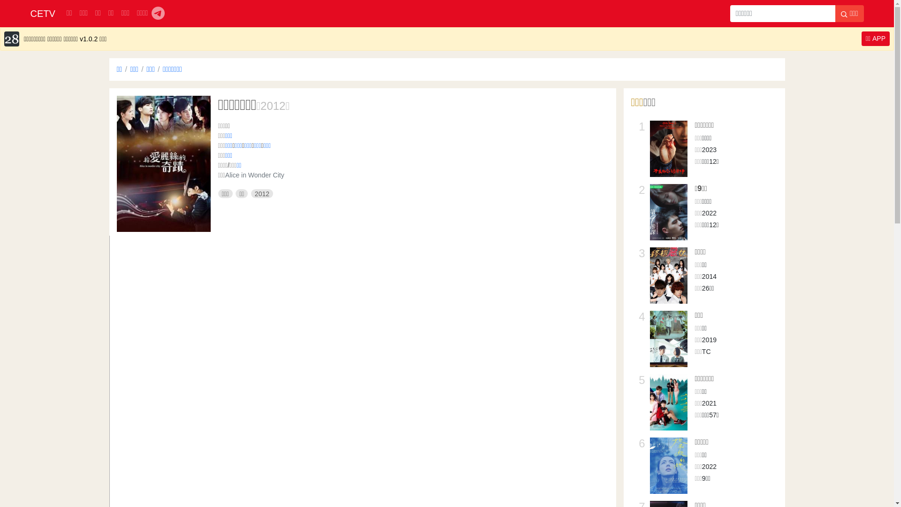  Describe the element at coordinates (262, 193) in the screenshot. I see `'2012'` at that location.